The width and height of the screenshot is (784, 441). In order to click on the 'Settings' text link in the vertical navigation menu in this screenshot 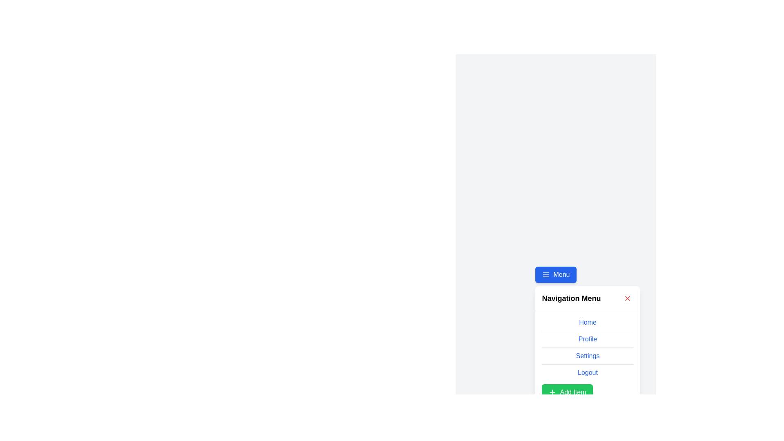, I will do `click(587, 357)`.